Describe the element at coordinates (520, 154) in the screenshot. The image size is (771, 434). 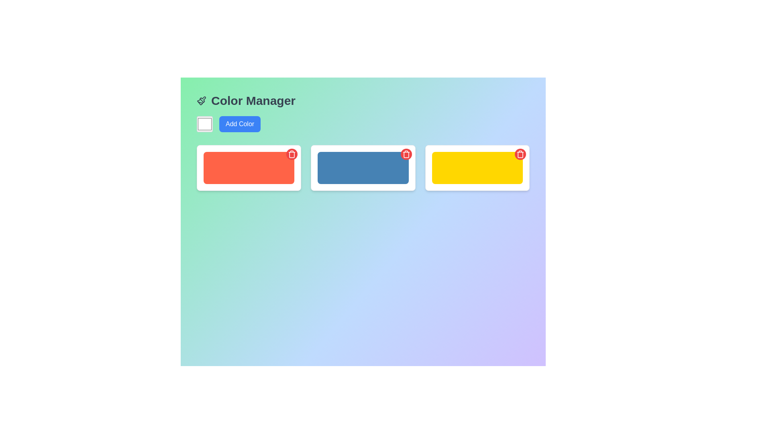
I see `the circular delete button located at the top-right corner of the yellow rectangular card with a red background and a white trash can icon` at that location.